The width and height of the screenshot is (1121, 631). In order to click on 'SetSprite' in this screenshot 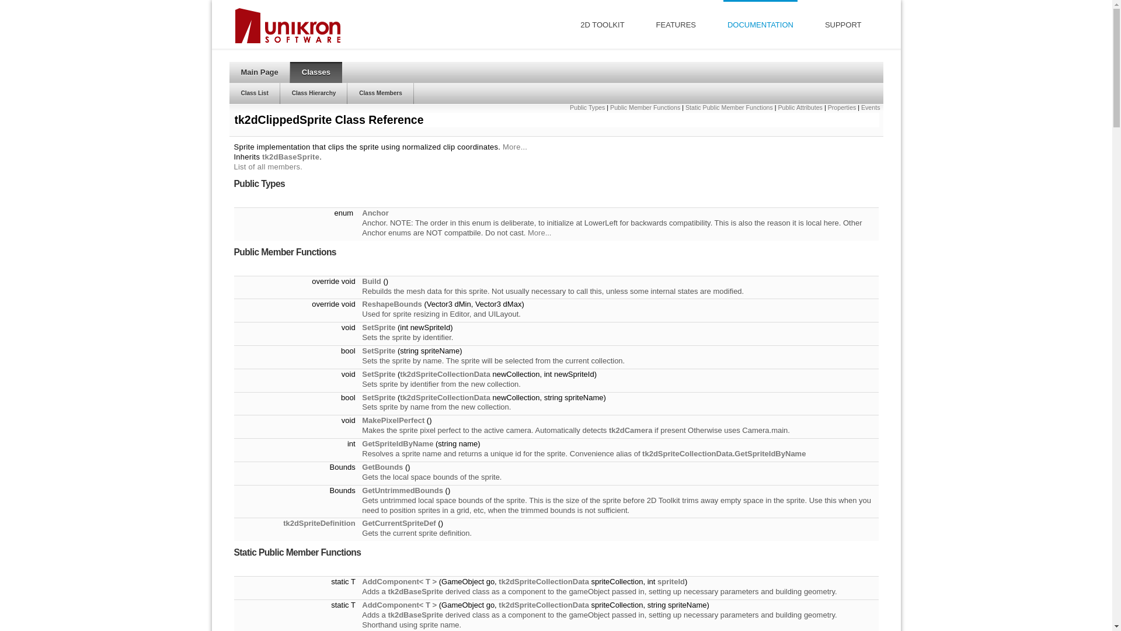, I will do `click(361, 327)`.